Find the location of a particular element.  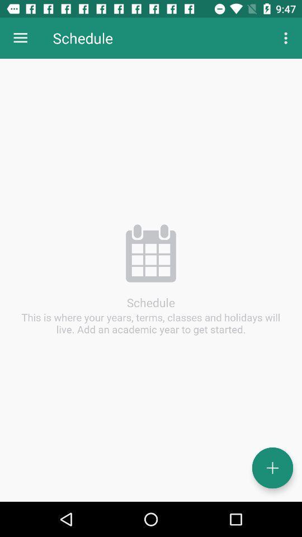

the add icon is located at coordinates (272, 468).